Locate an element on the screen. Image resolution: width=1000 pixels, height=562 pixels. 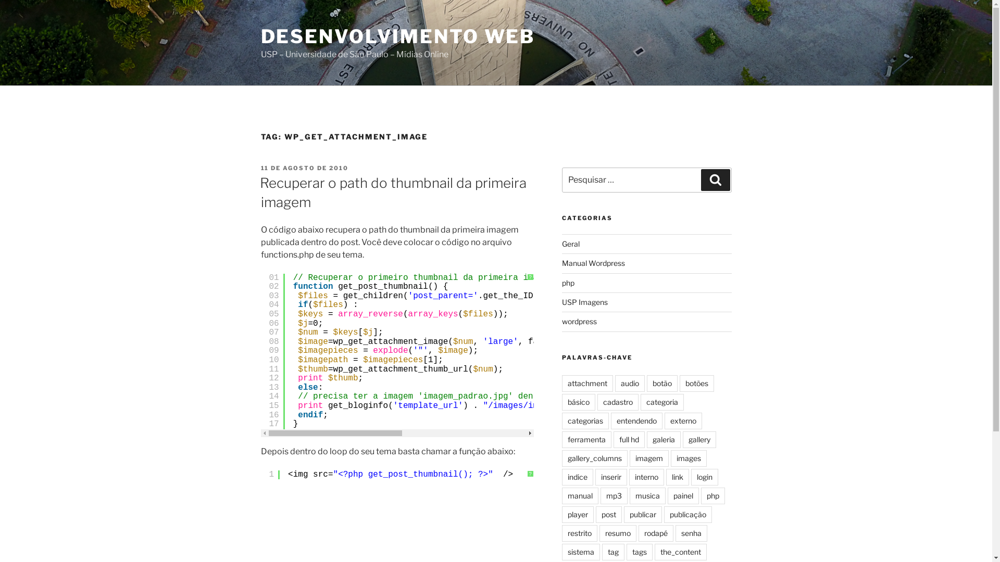
'tag' is located at coordinates (613, 551).